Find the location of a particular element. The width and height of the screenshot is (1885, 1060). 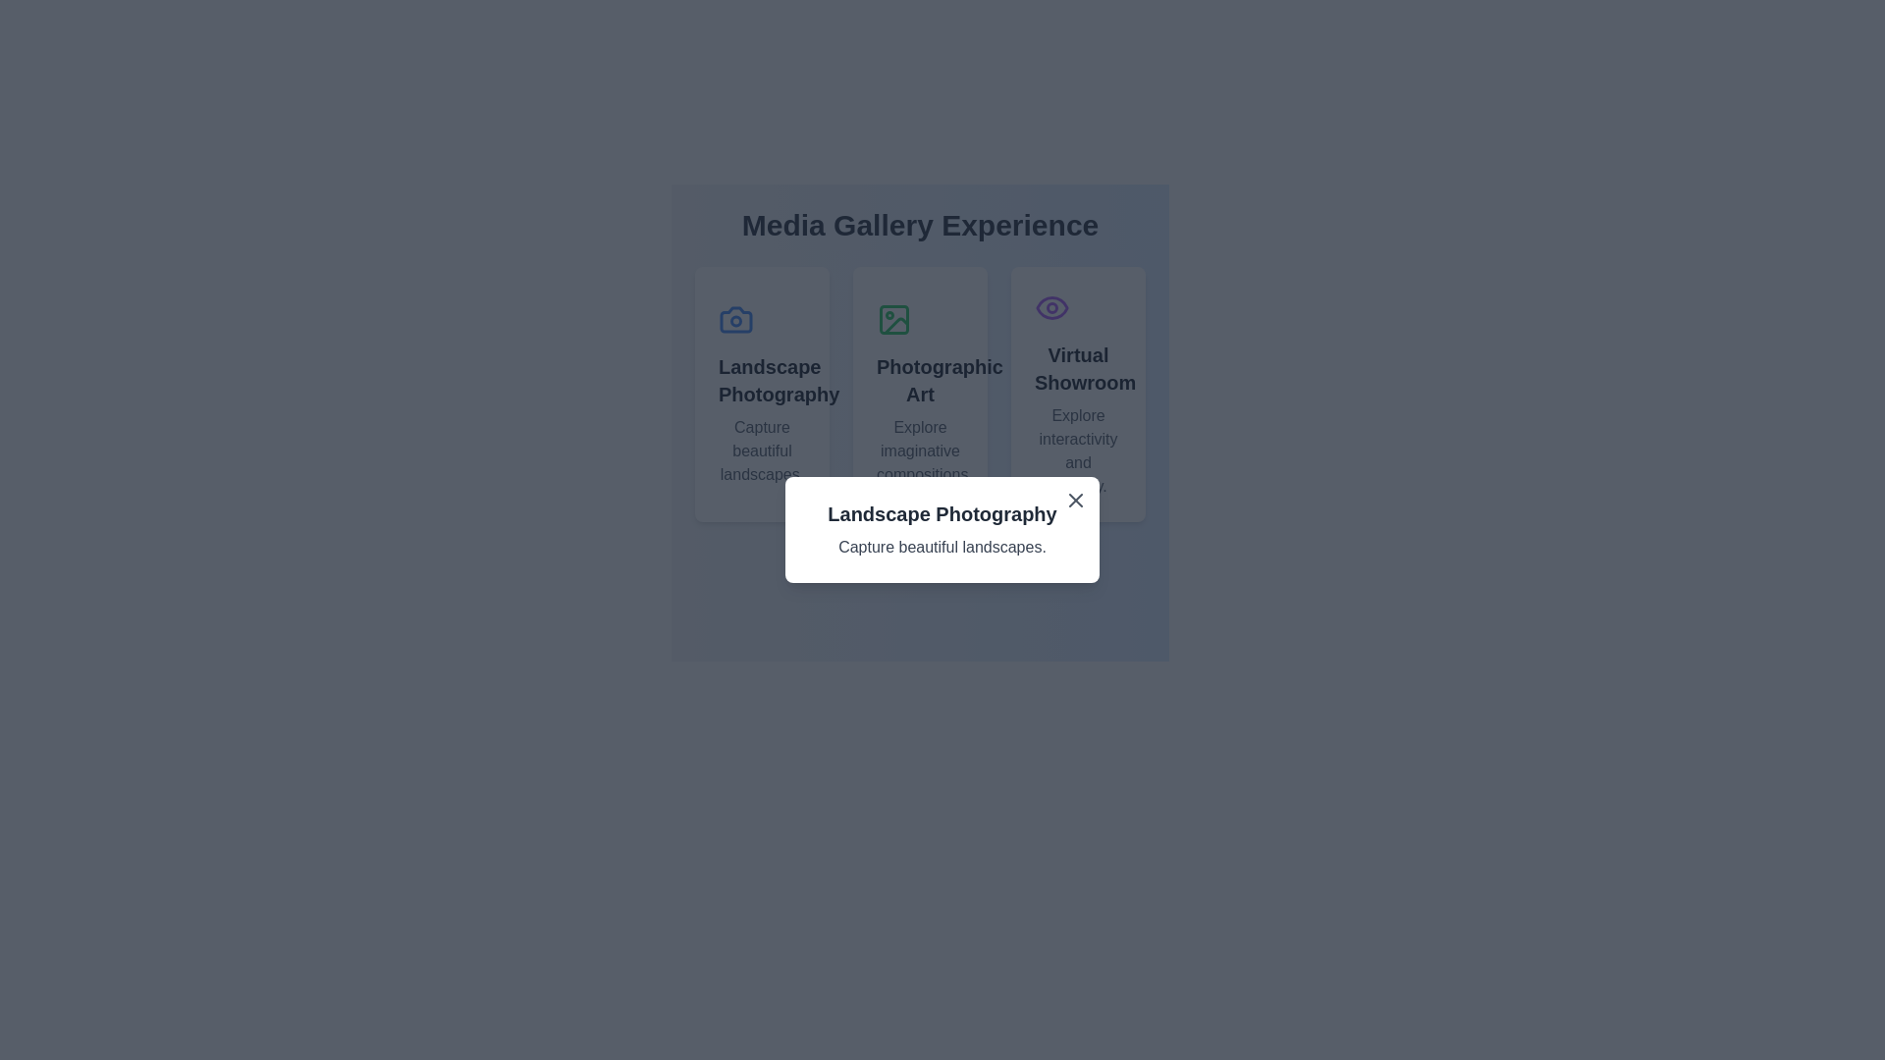

the purple eye icon located at the top center of the 'Virtual Showroom' section, which is characterized by its circular shape and inner pupil is located at coordinates (1050, 307).